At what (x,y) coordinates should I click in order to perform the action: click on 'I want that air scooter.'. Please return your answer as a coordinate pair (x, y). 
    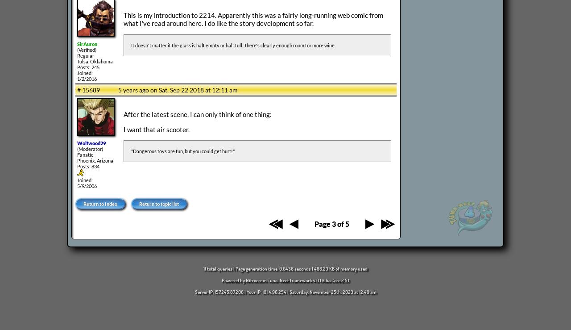
    Looking at the image, I should click on (156, 129).